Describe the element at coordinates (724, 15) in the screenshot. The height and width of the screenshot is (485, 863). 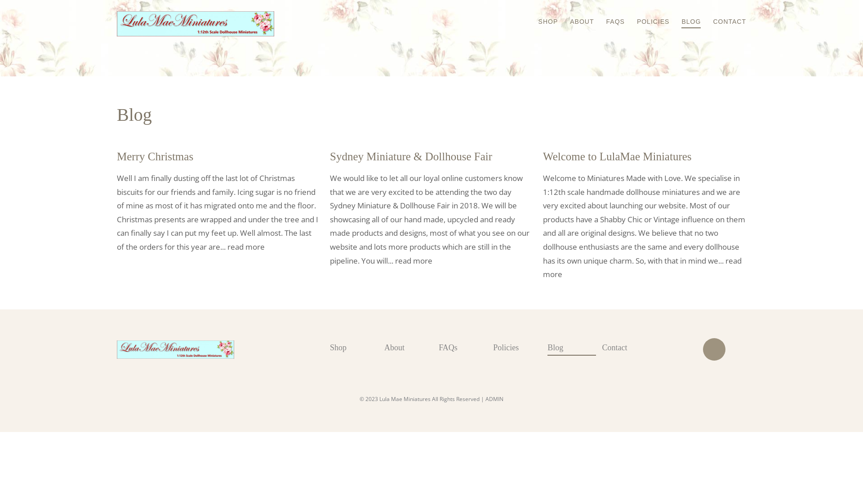
I see `'CONTACT'` at that location.